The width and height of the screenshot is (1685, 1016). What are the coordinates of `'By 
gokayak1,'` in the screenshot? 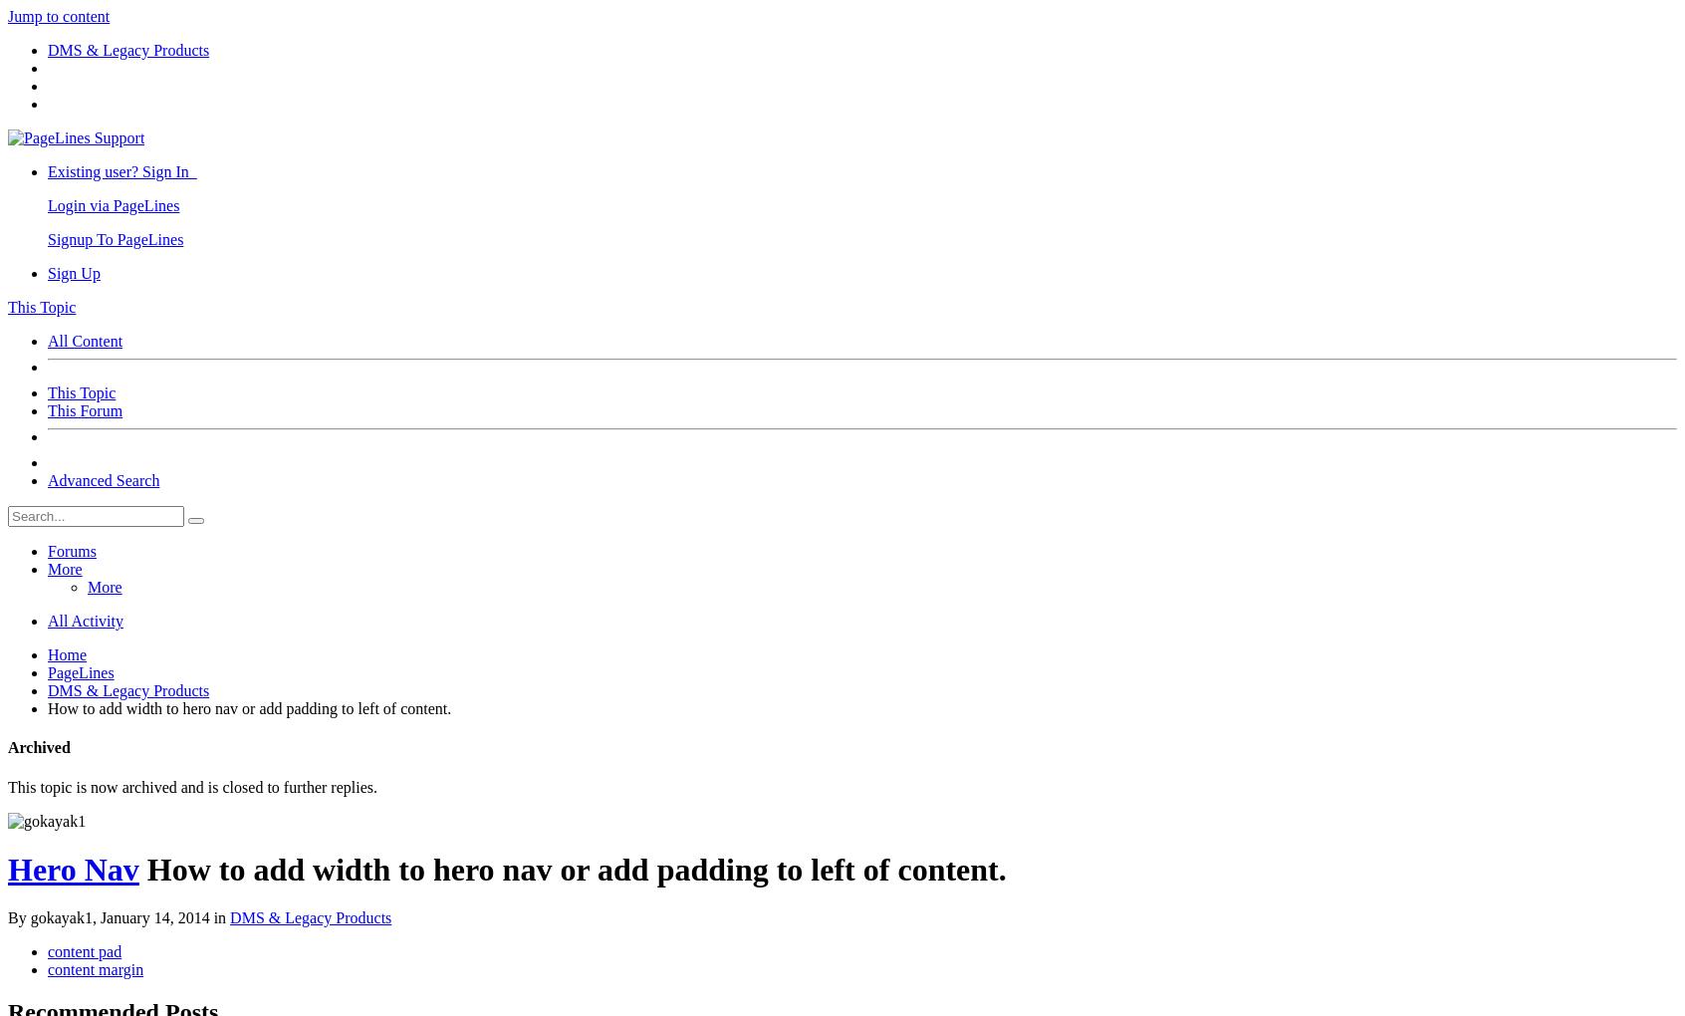 It's located at (52, 917).